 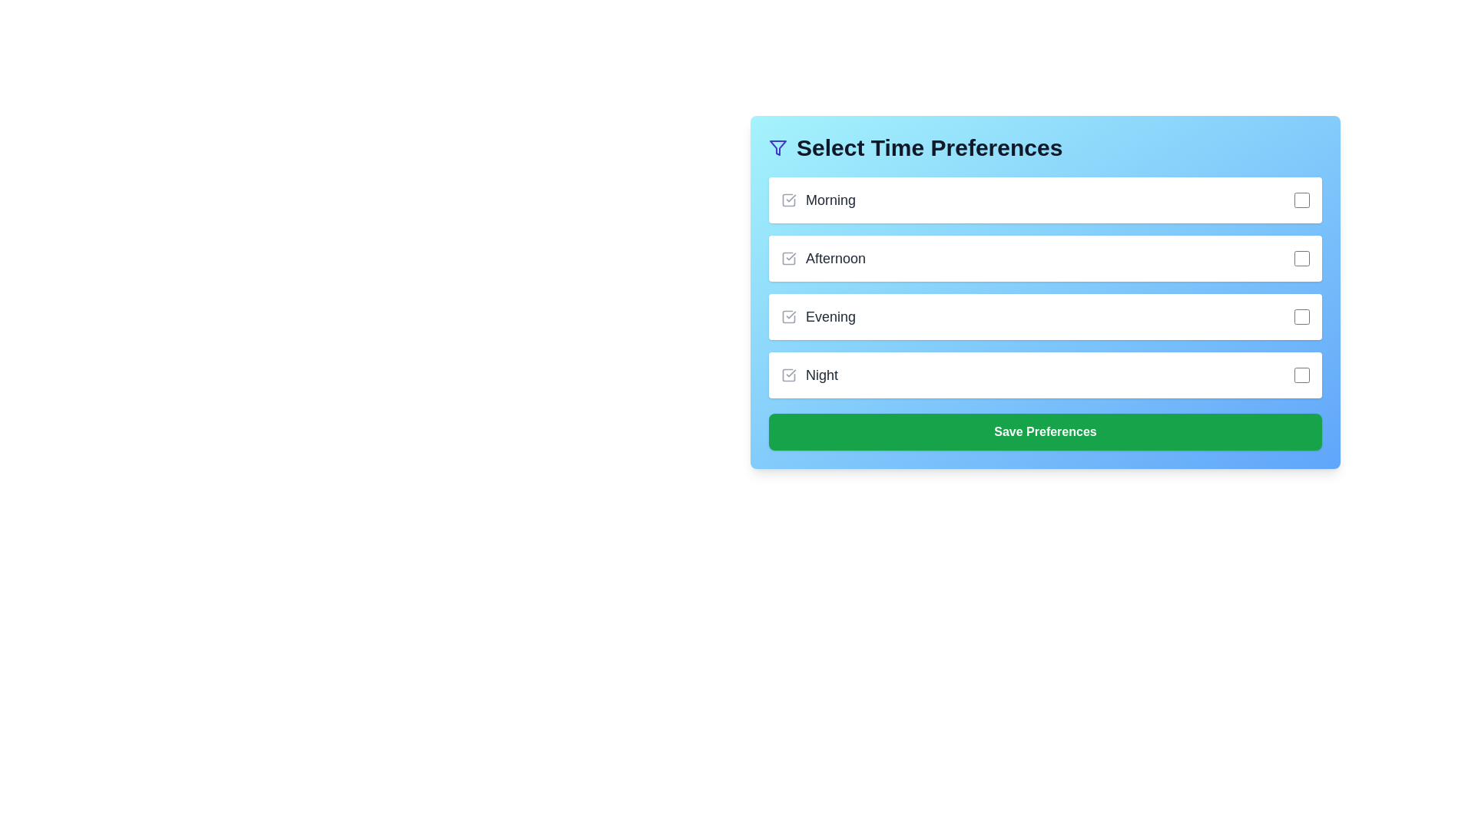 What do you see at coordinates (835, 257) in the screenshot?
I see `the text label displaying 'Afternoon', which is positioned below the 'Morning' label and above the 'Evening' label in a vertical list of time preferences` at bounding box center [835, 257].